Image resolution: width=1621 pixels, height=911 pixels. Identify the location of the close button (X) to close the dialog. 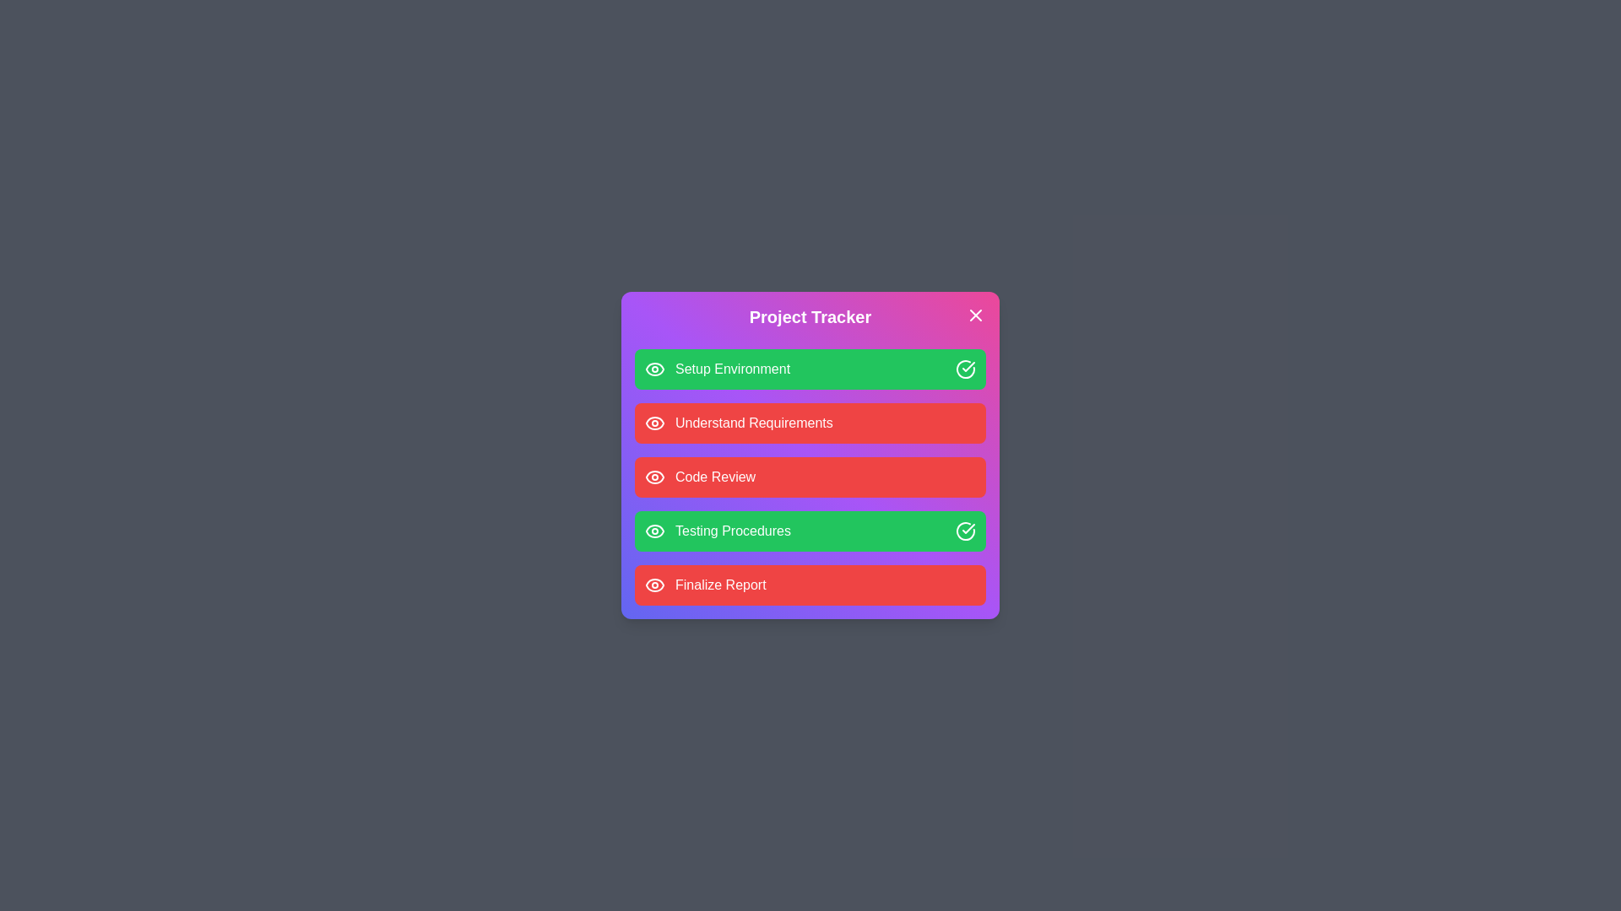
(976, 315).